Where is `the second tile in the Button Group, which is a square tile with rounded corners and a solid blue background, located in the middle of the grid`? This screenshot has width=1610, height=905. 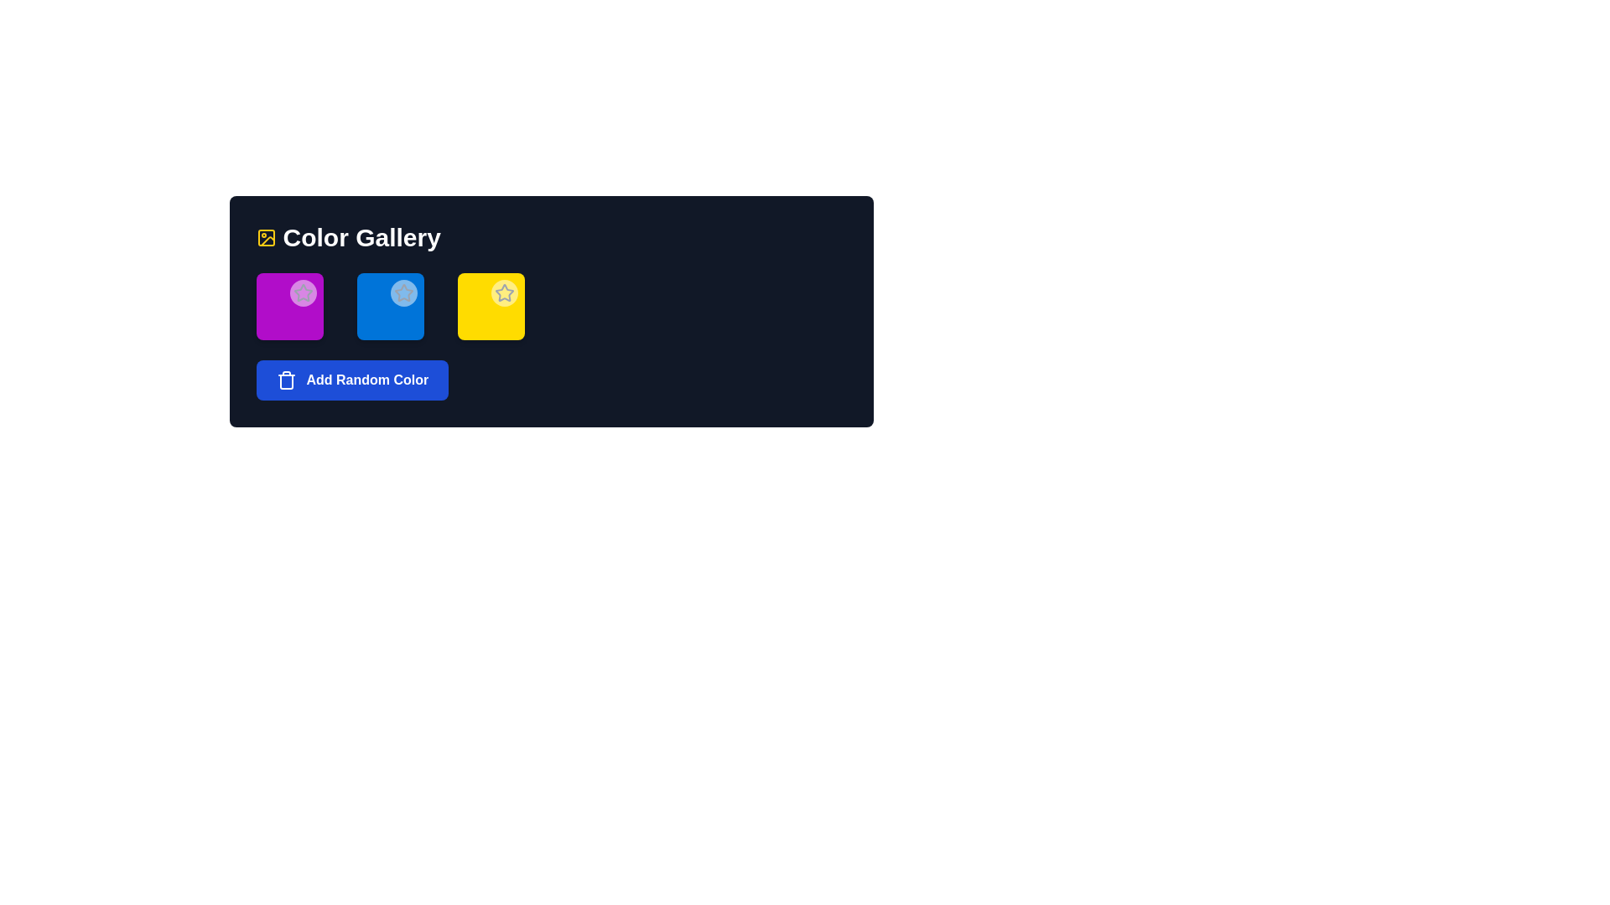
the second tile in the Button Group, which is a square tile with rounded corners and a solid blue background, located in the middle of the grid is located at coordinates (389, 307).